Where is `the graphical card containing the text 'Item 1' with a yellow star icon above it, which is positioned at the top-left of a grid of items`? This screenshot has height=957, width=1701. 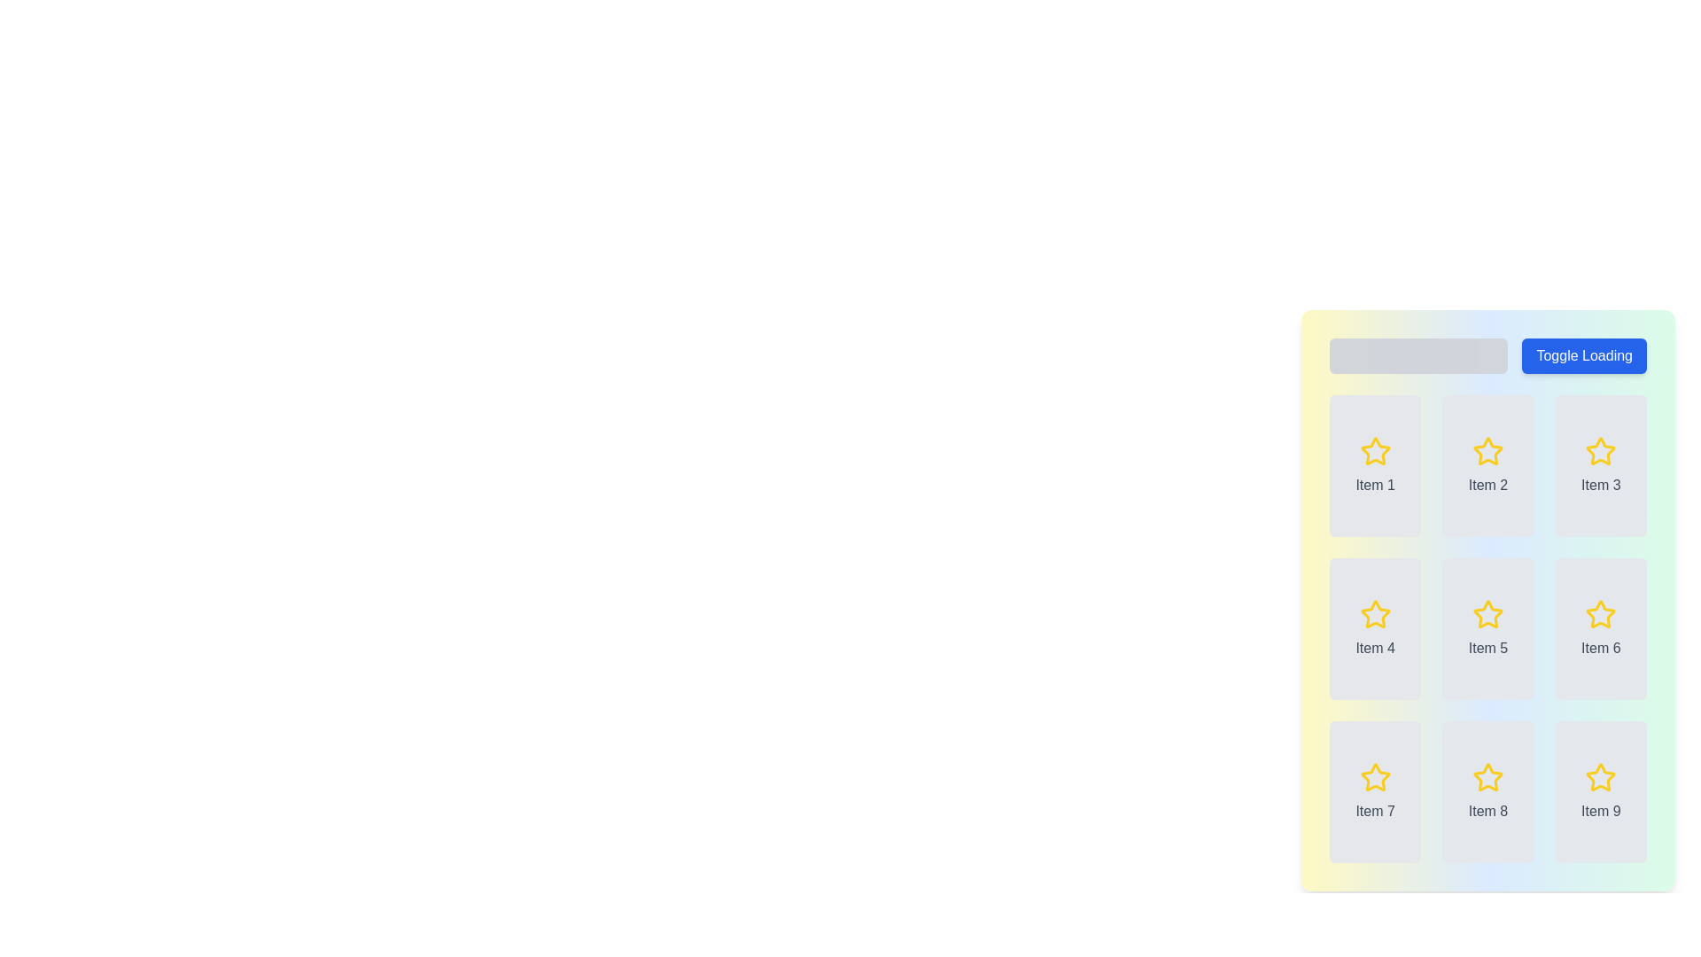 the graphical card containing the text 'Item 1' with a yellow star icon above it, which is positioned at the top-left of a grid of items is located at coordinates (1374, 464).